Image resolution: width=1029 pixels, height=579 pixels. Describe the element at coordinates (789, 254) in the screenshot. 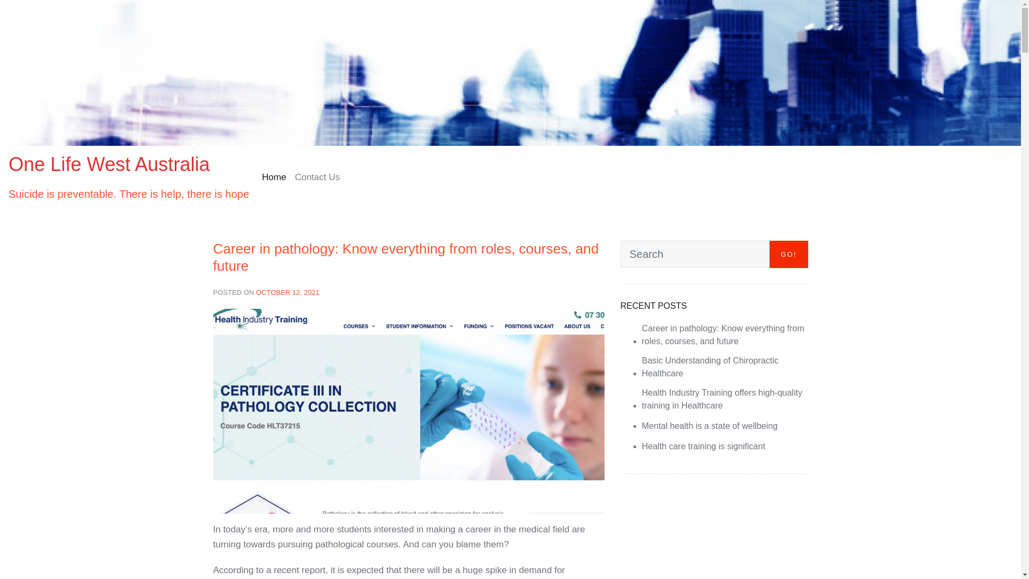

I see `'GO!'` at that location.